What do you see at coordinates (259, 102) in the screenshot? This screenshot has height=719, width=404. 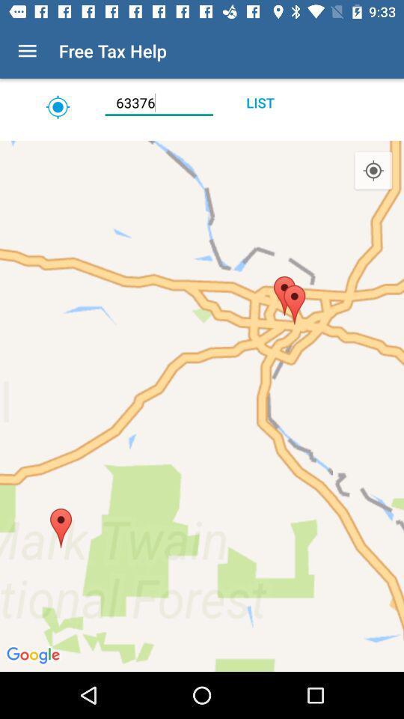 I see `icon to the right of the 63376 icon` at bounding box center [259, 102].